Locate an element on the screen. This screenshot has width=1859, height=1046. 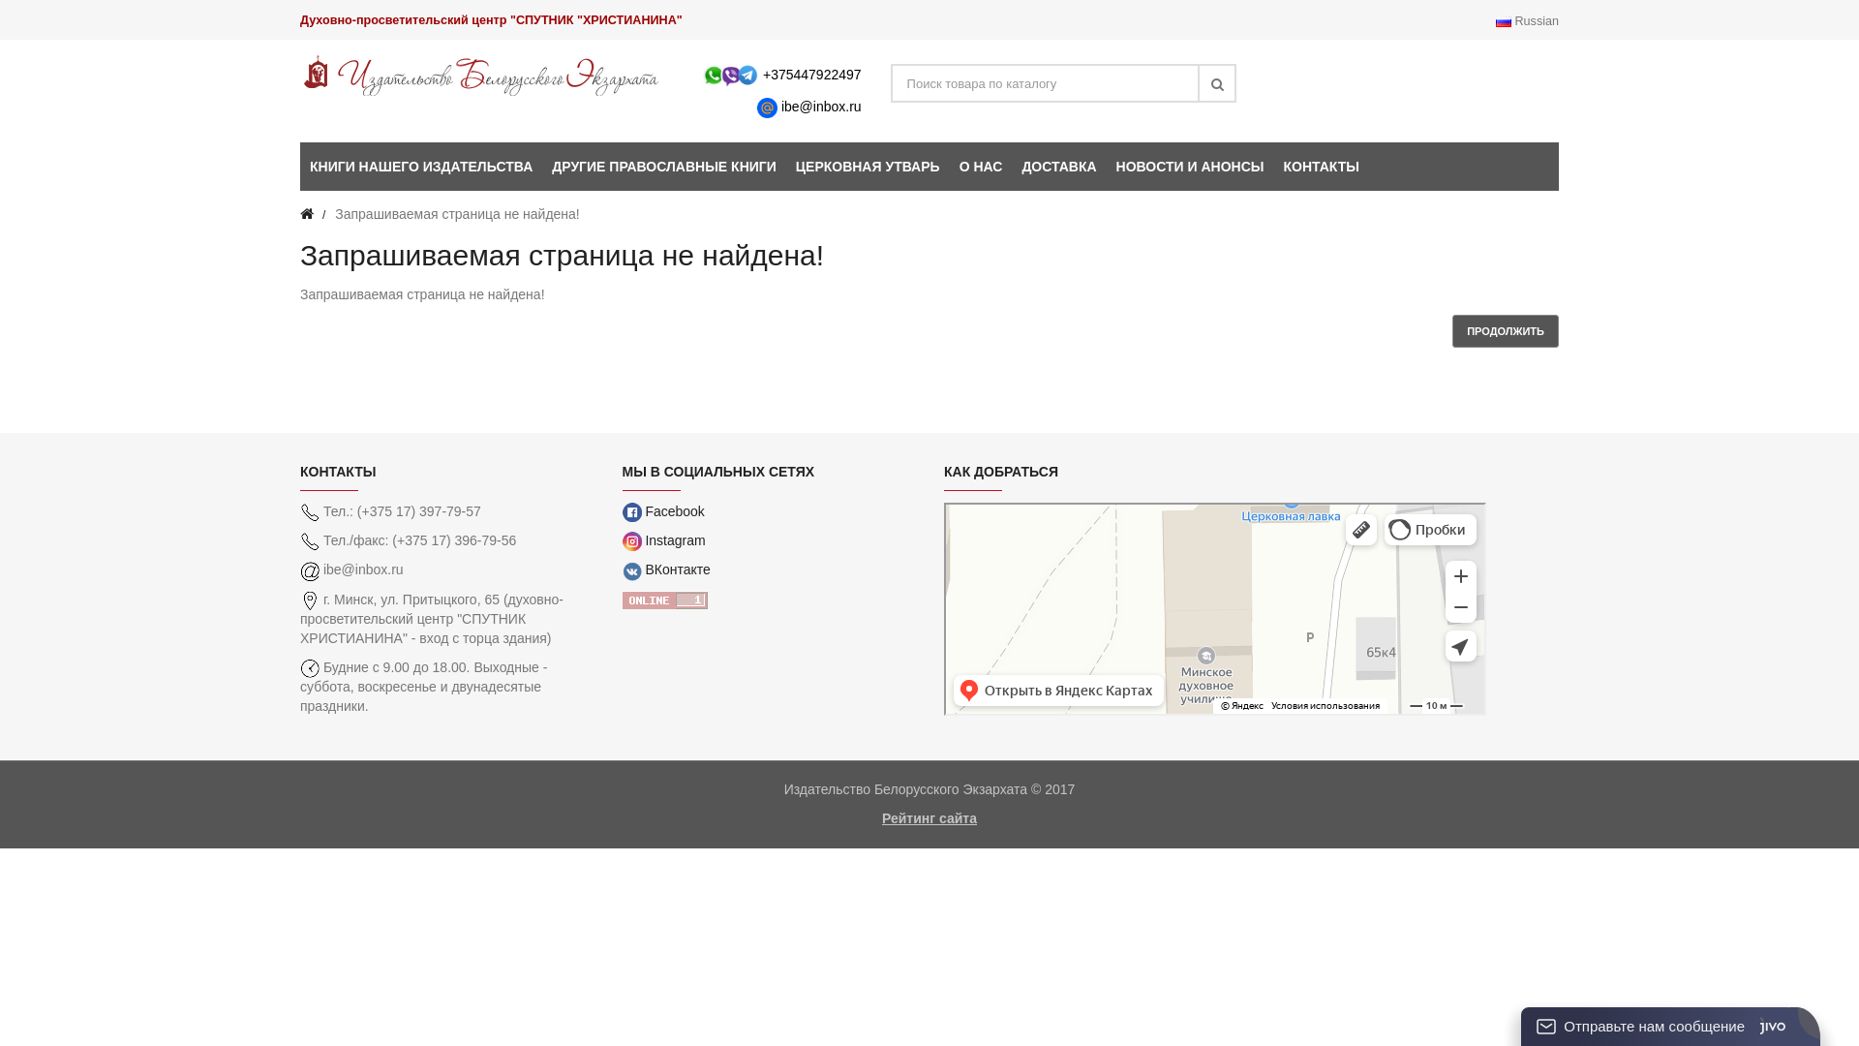
'Russian' is located at coordinates (1526, 21).